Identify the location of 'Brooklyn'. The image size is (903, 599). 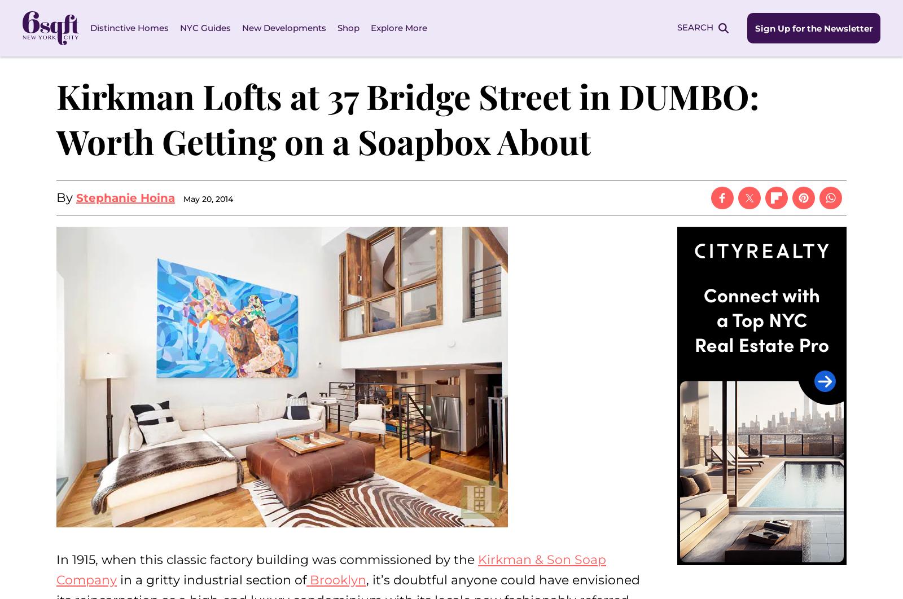
(336, 579).